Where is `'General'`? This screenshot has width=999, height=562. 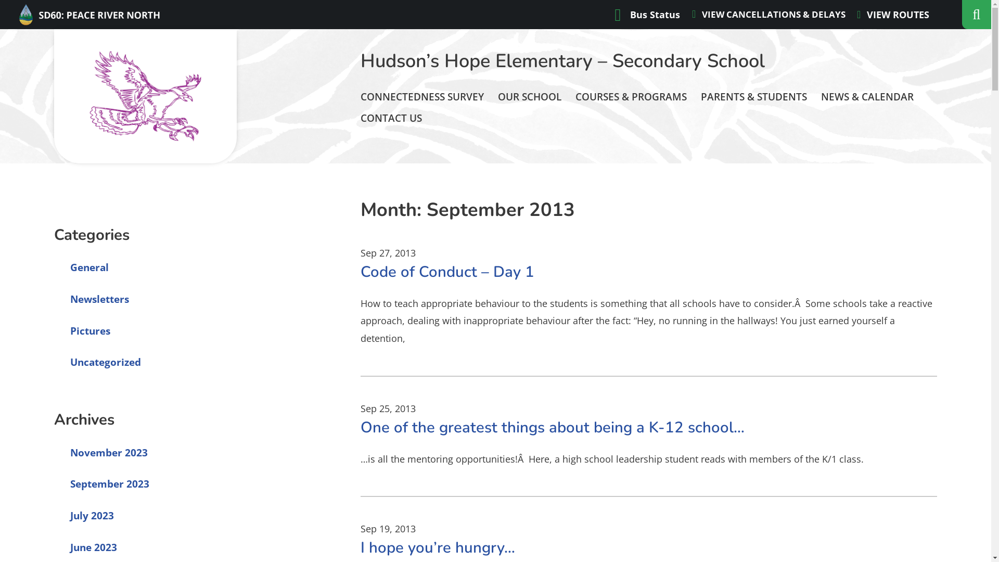 'General' is located at coordinates (81, 266).